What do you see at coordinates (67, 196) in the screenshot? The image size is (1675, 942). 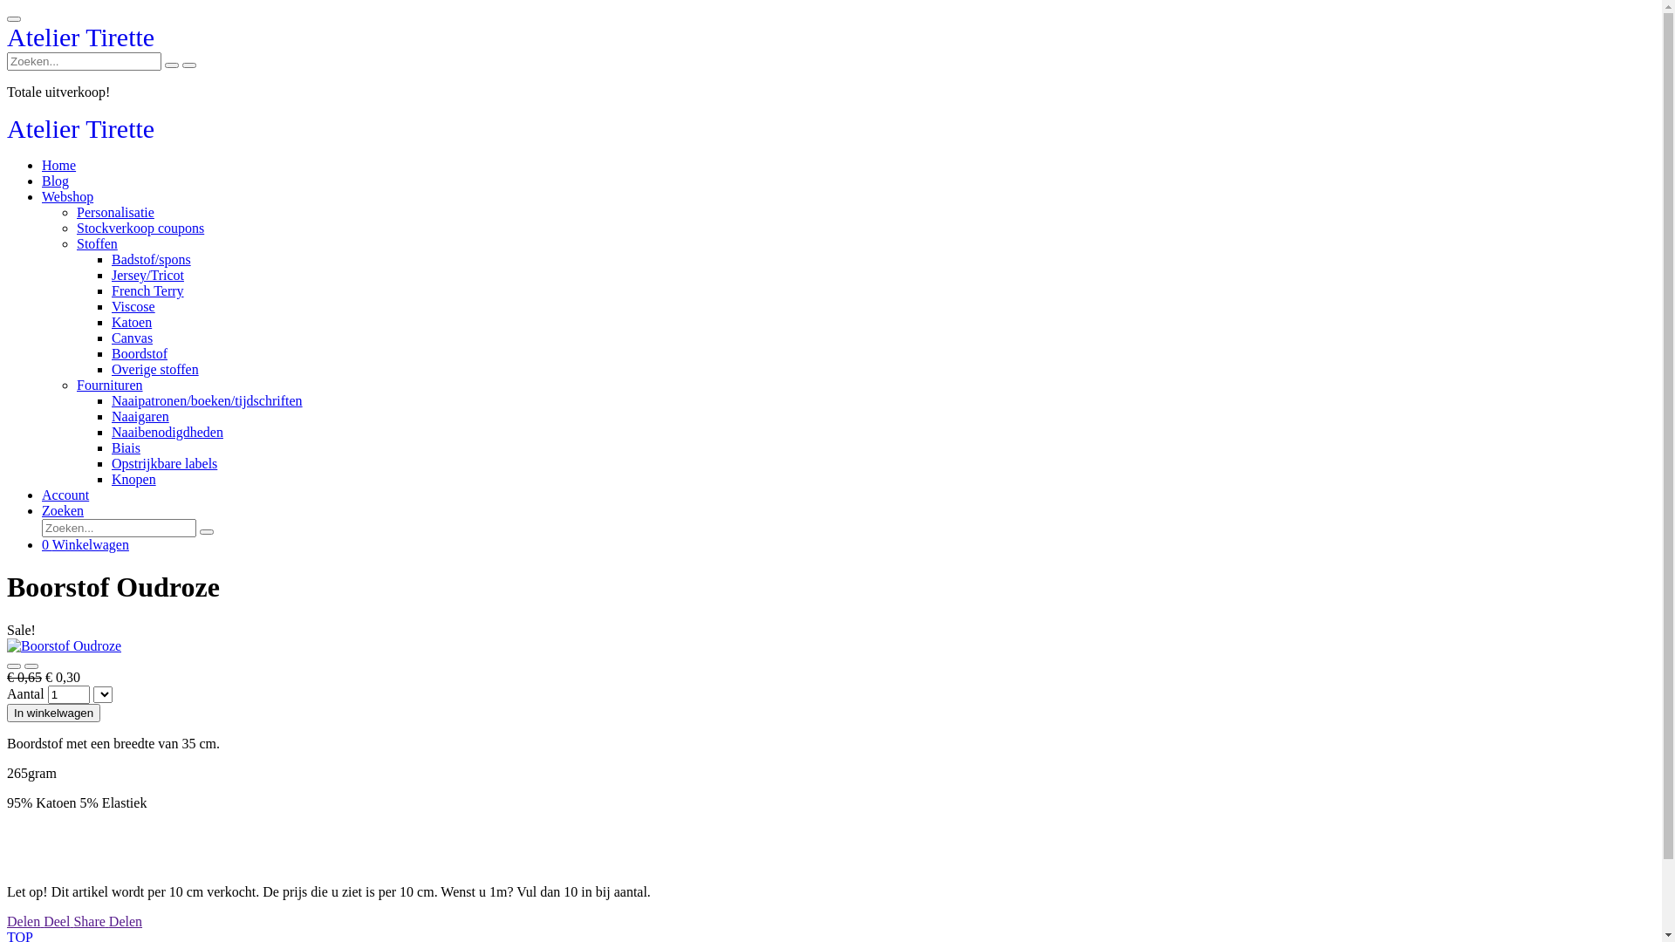 I see `'Webshop'` at bounding box center [67, 196].